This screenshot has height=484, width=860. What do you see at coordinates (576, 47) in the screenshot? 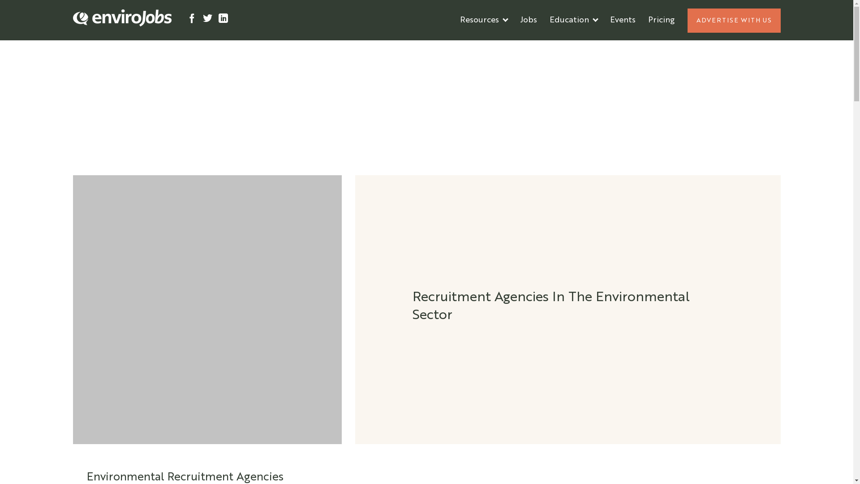
I see `'Short Courses'` at bounding box center [576, 47].